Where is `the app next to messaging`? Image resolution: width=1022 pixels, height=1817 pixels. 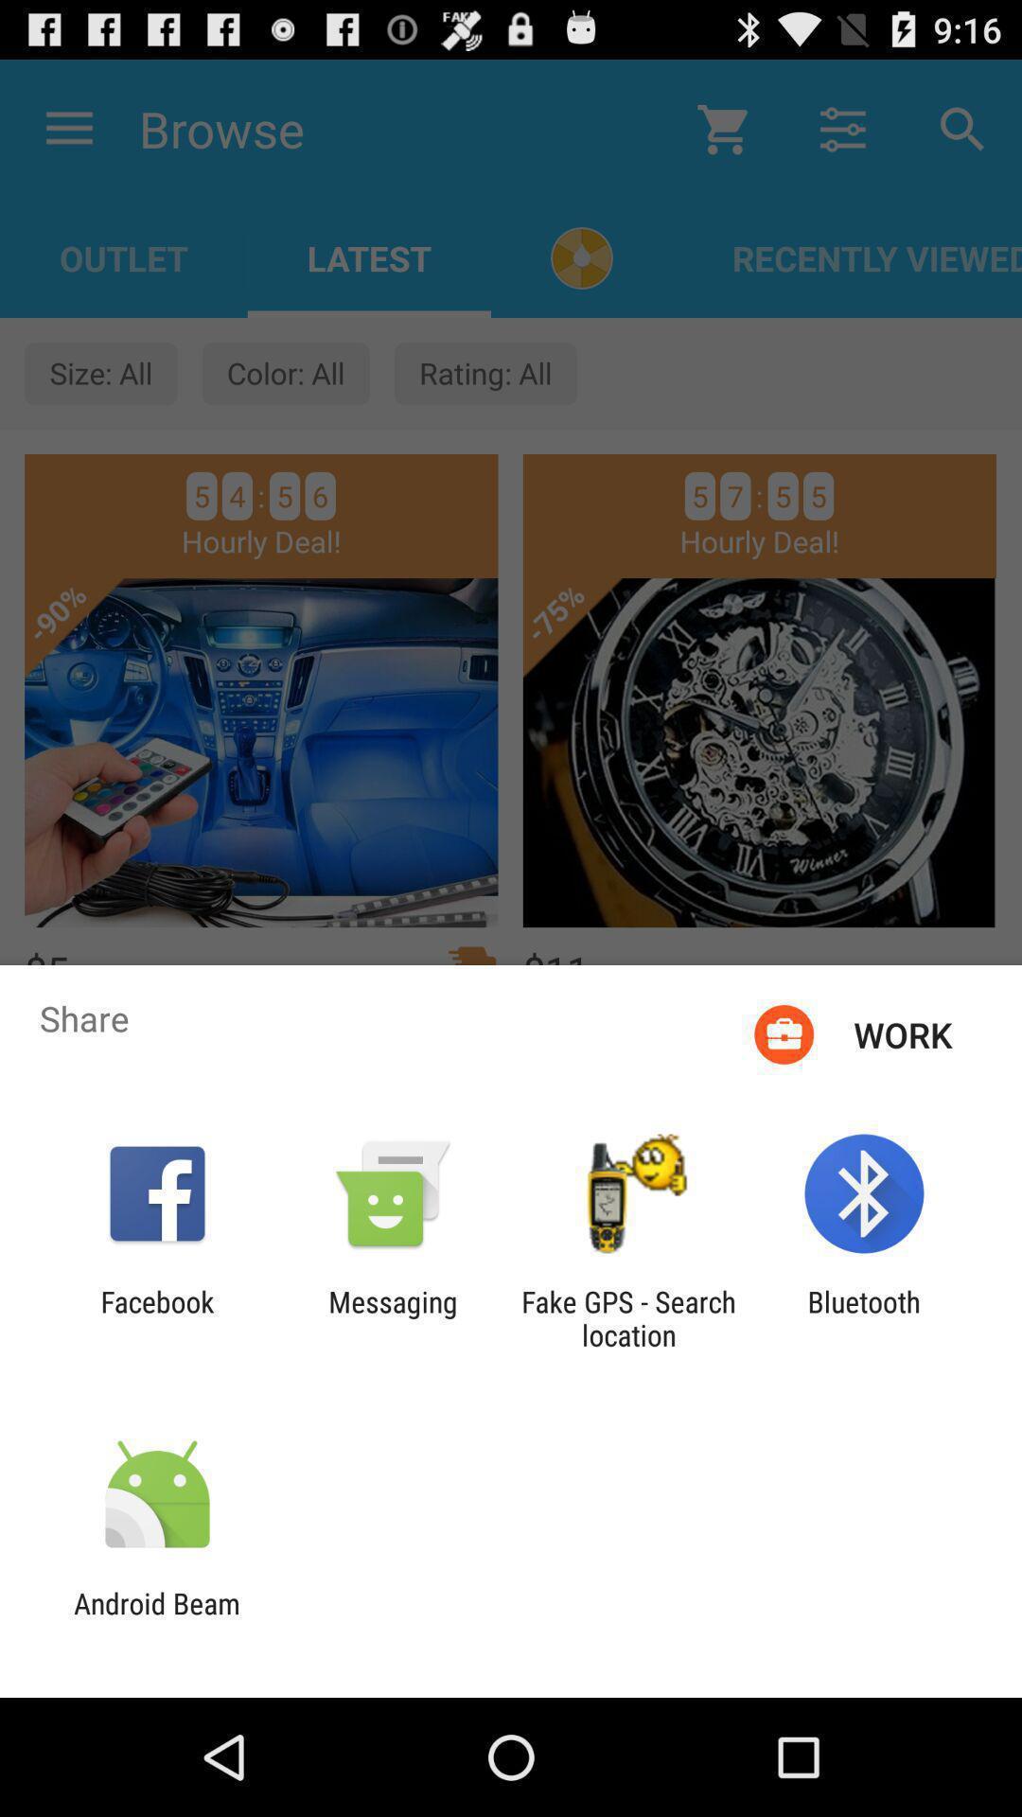
the app next to messaging is located at coordinates (156, 1317).